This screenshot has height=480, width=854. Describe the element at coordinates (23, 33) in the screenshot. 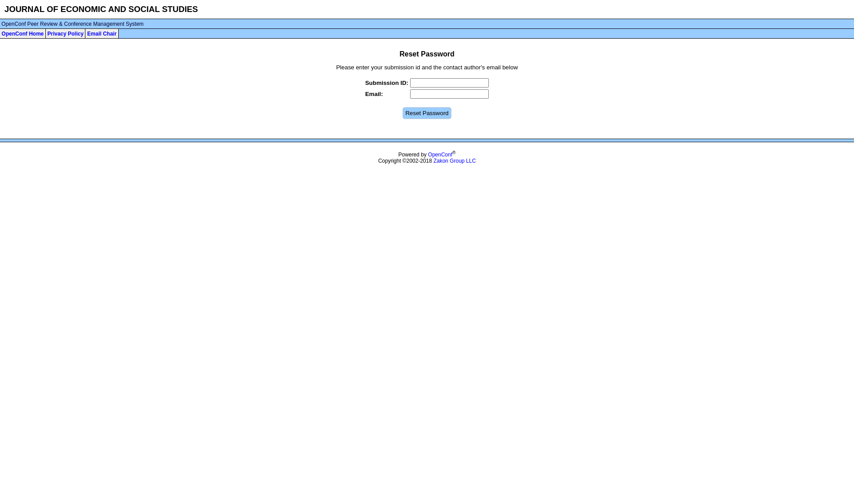

I see `'OpenConf Home'` at that location.